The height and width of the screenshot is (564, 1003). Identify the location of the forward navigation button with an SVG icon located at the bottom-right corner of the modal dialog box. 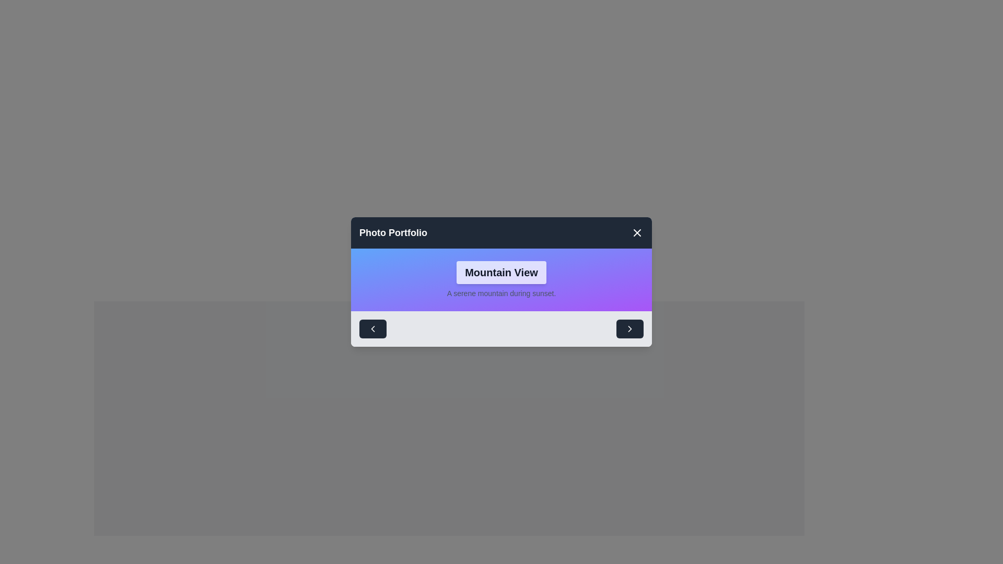
(629, 328).